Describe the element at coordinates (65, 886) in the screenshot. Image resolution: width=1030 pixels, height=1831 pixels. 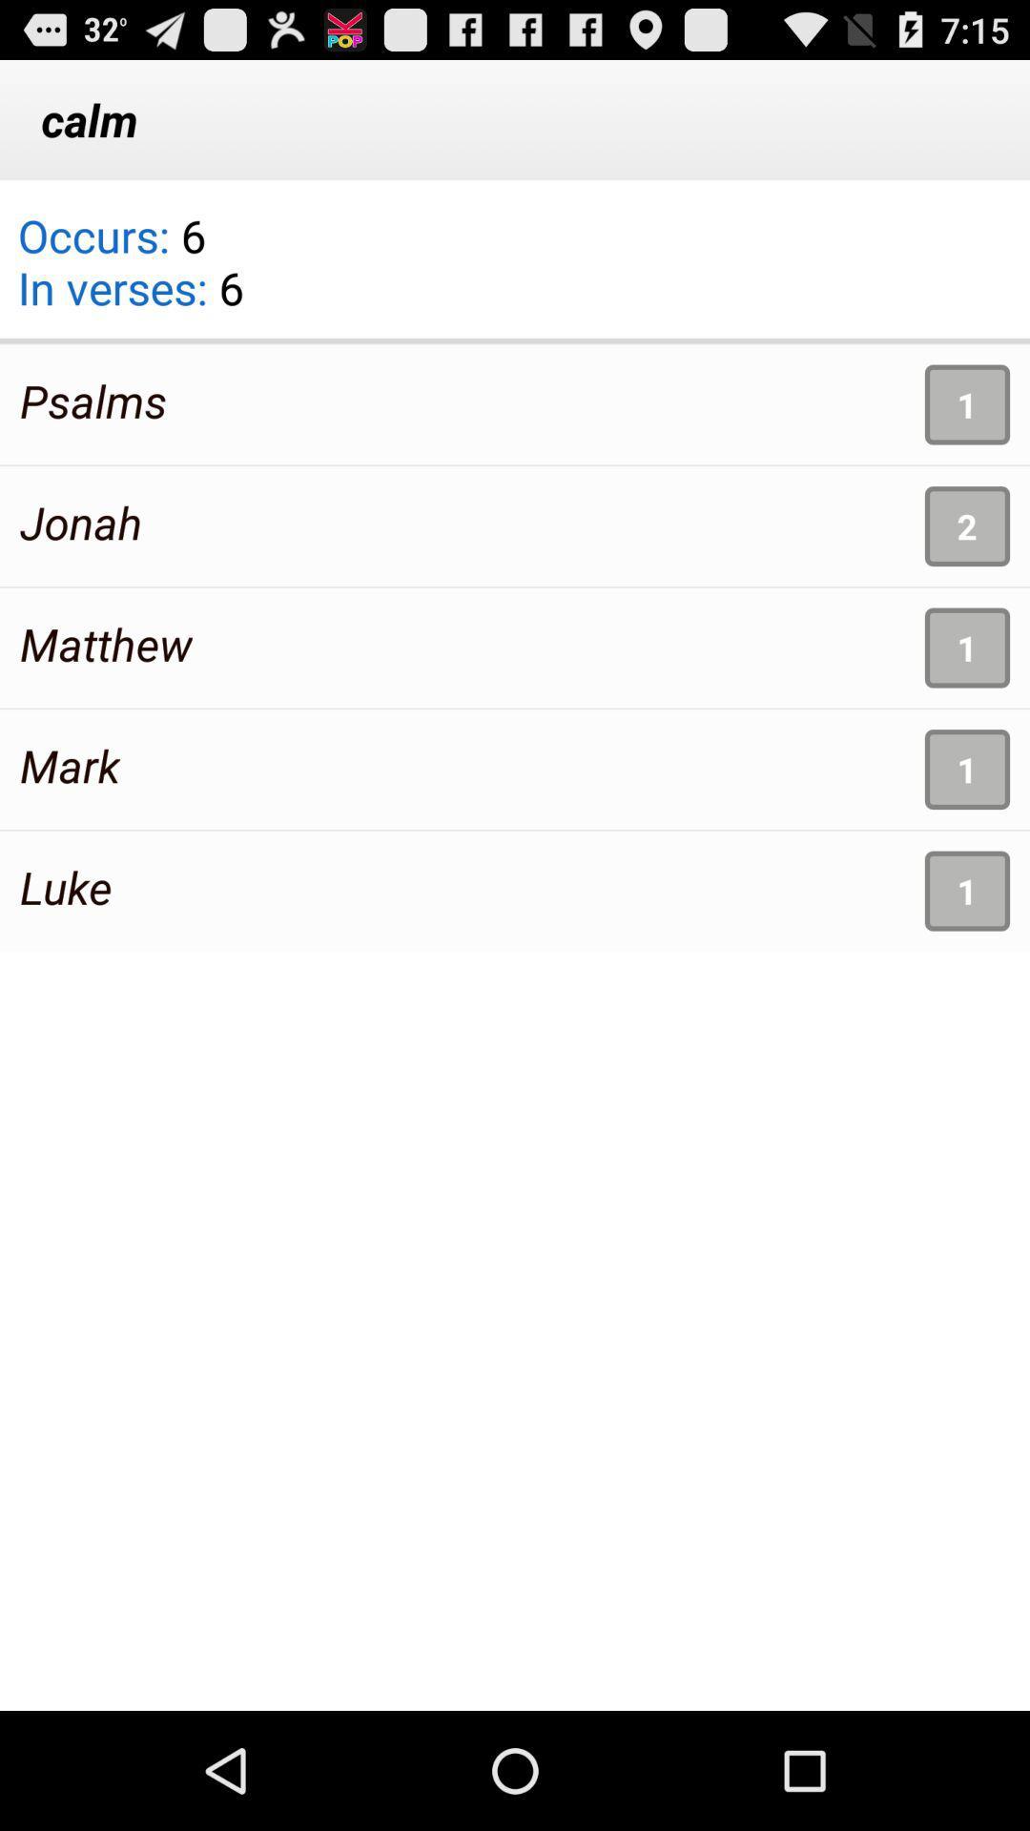
I see `app to the left of the 1 item` at that location.